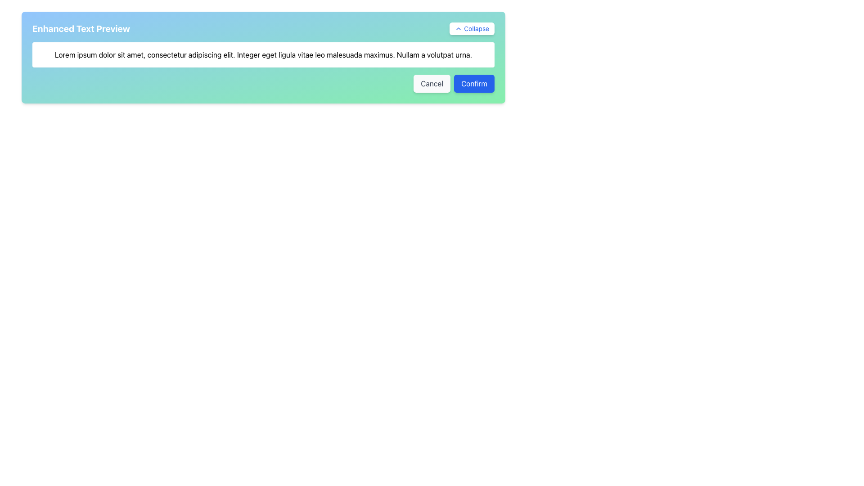  What do you see at coordinates (432, 83) in the screenshot?
I see `the 'Cancel' button at the lower-right corner of the modal` at bounding box center [432, 83].